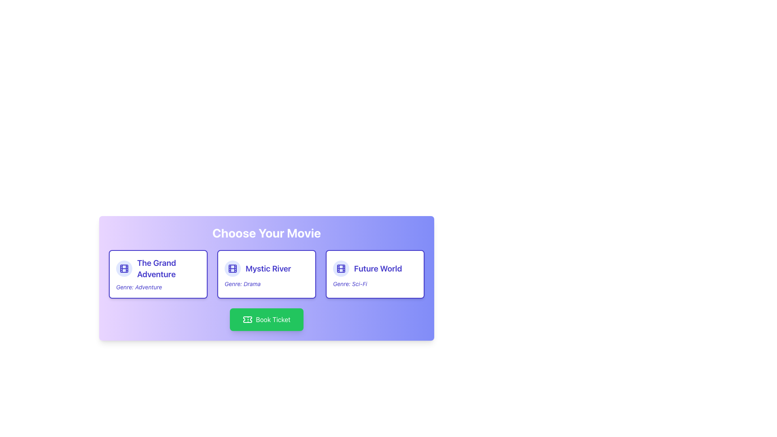 The height and width of the screenshot is (437, 777). I want to click on movie title 'Future World' from the informational text element styled with bold font and a film reel icon, located in the third column of movie selection cards, so click(374, 268).